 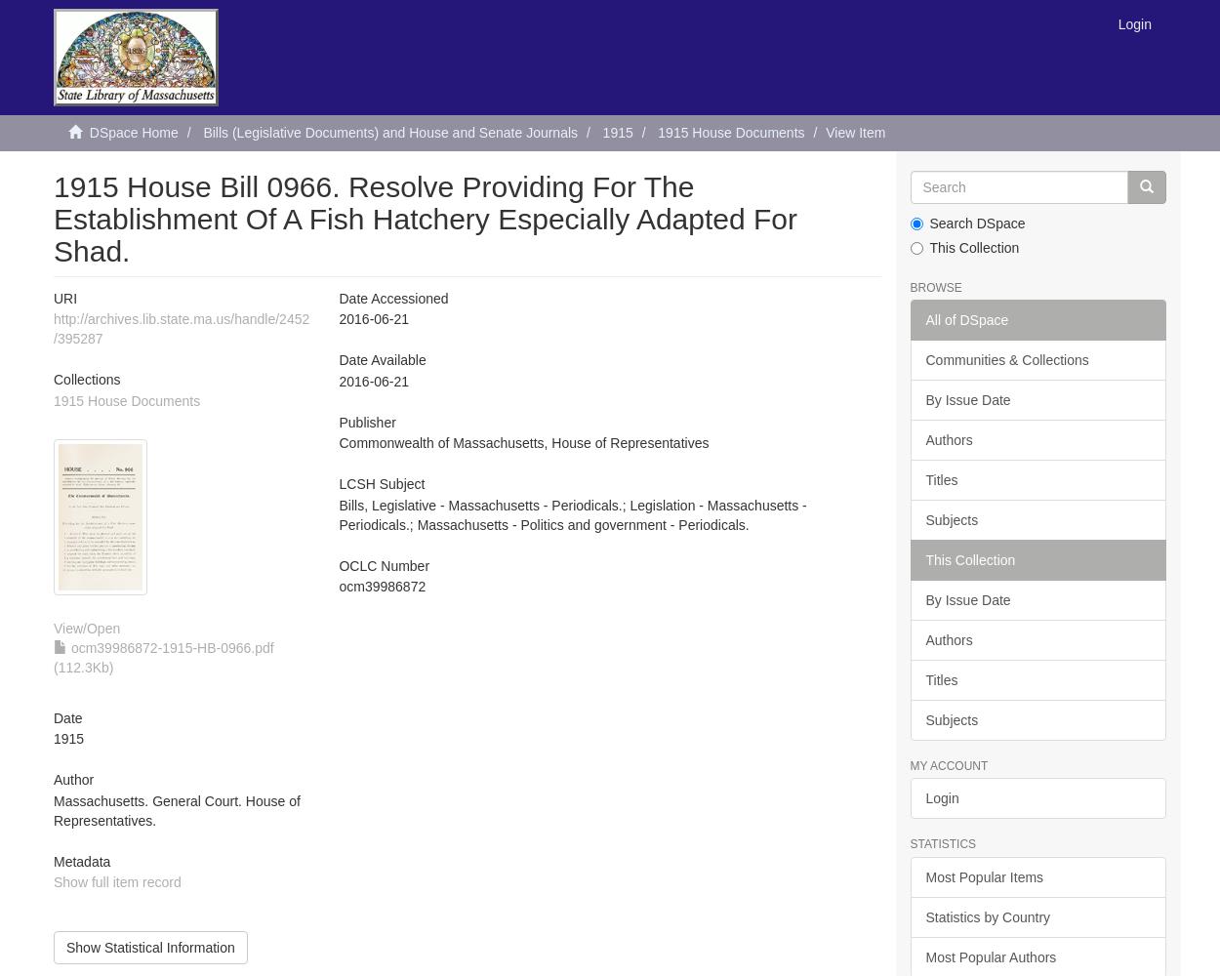 I want to click on '1915 House Bill 0966. Resolve Providing For The Establishment Of A Fish Hatchery Especially Adapted For Shad.', so click(x=426, y=218).